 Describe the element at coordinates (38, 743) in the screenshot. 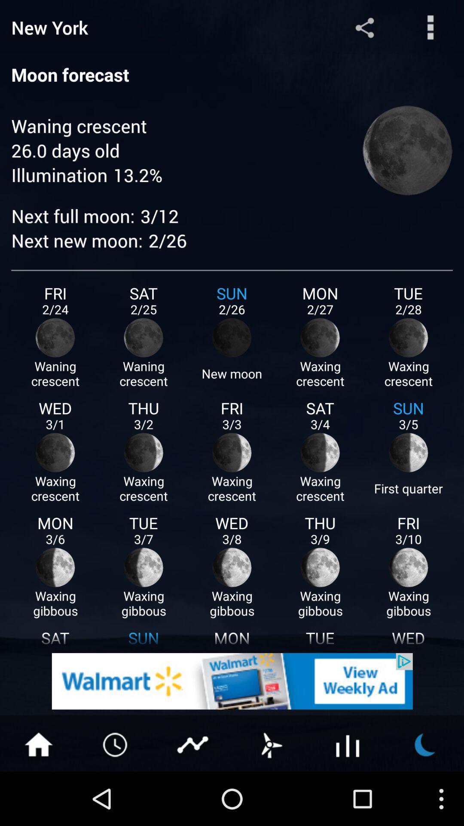

I see `home` at that location.